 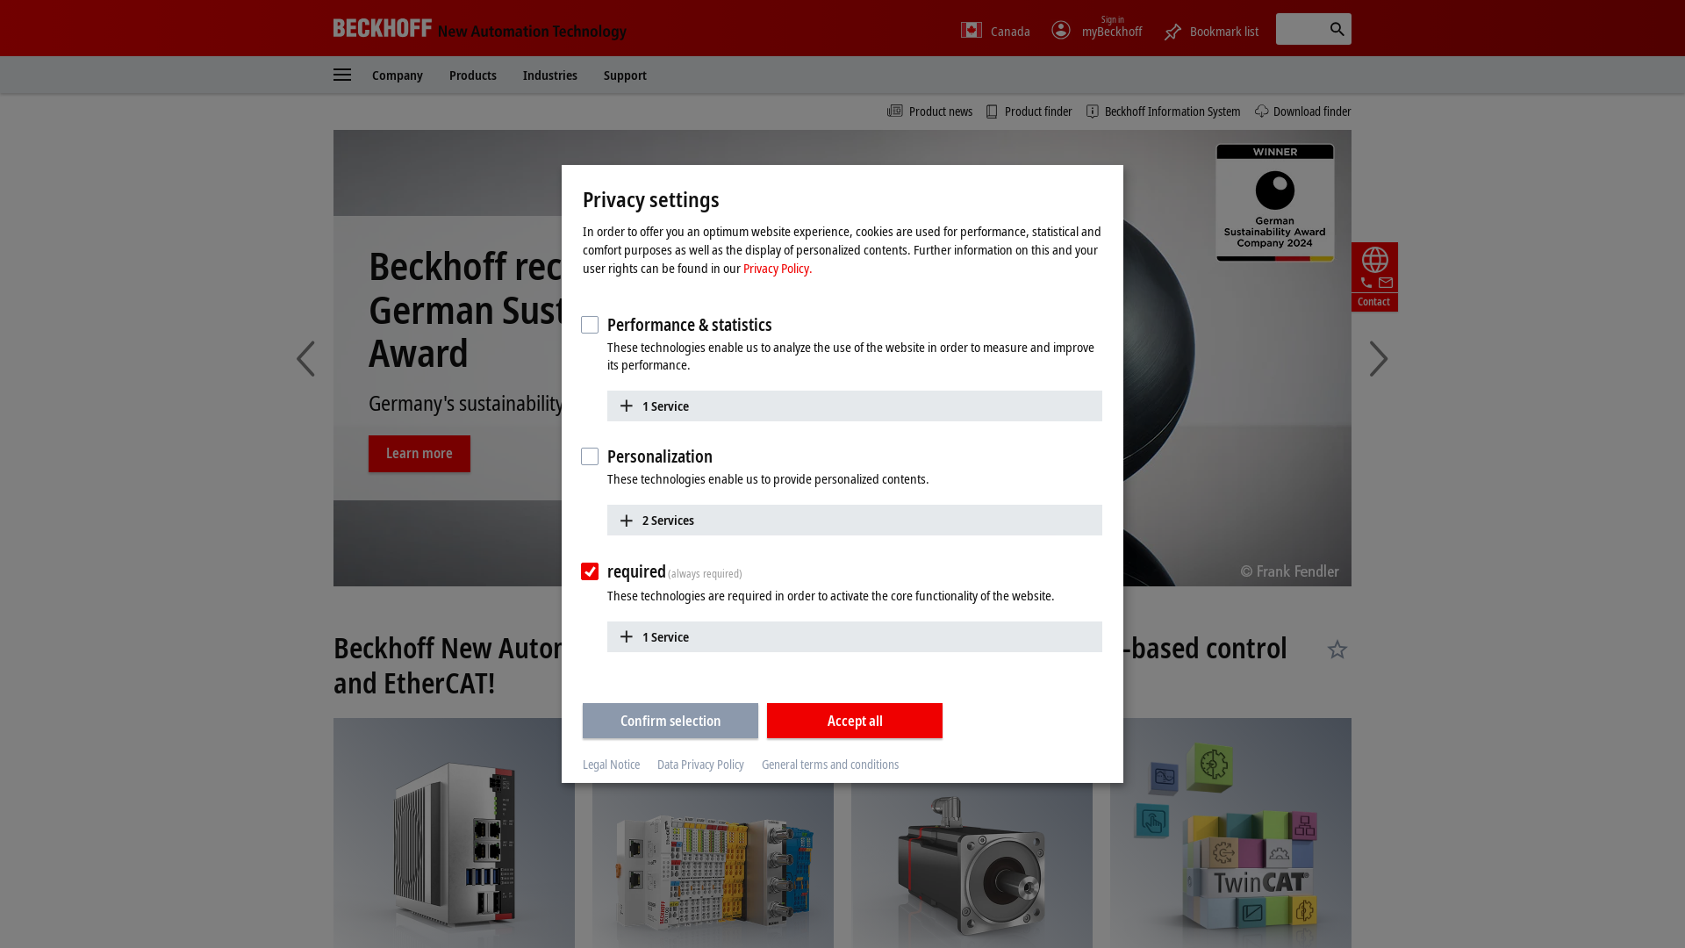 What do you see at coordinates (1163, 111) in the screenshot?
I see `'Beckhoff Information System'` at bounding box center [1163, 111].